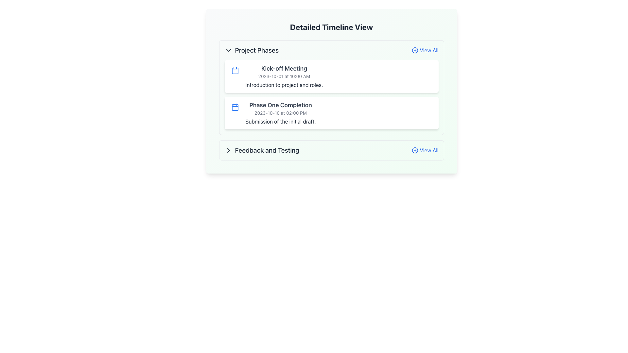 This screenshot has width=628, height=353. Describe the element at coordinates (415, 150) in the screenshot. I see `the plus icon within the 'View All' button located on the right side of the 'Feedback and Testing' section` at that location.